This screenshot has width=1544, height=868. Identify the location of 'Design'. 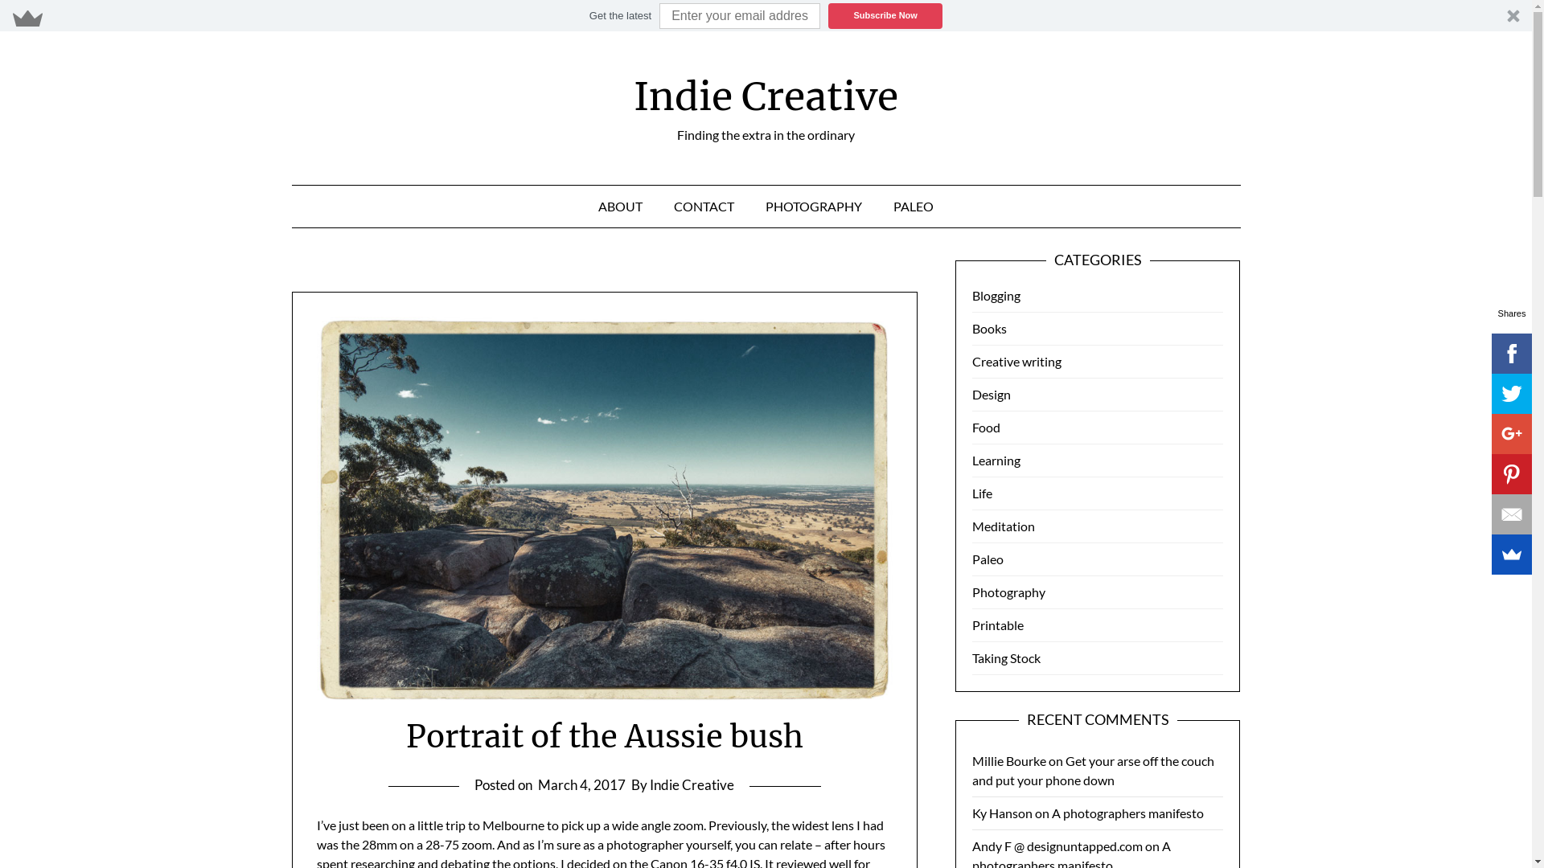
(991, 394).